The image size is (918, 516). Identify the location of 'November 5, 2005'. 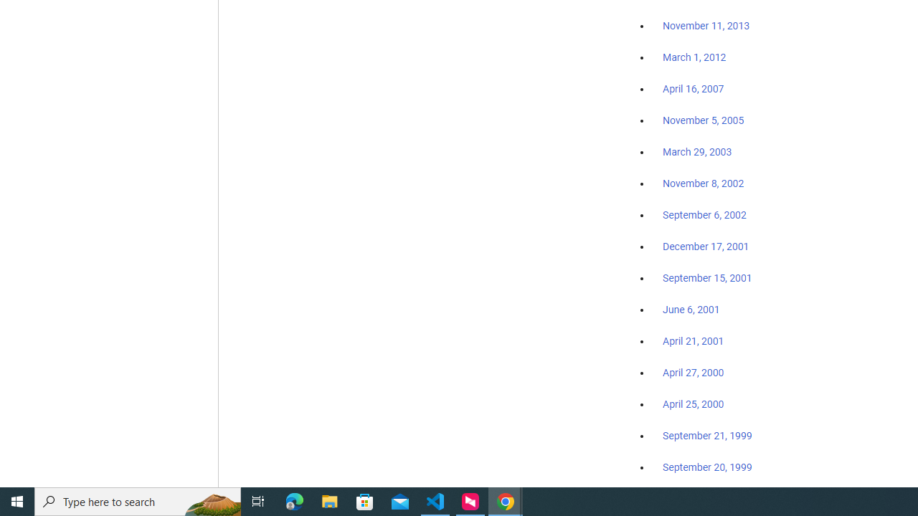
(704, 120).